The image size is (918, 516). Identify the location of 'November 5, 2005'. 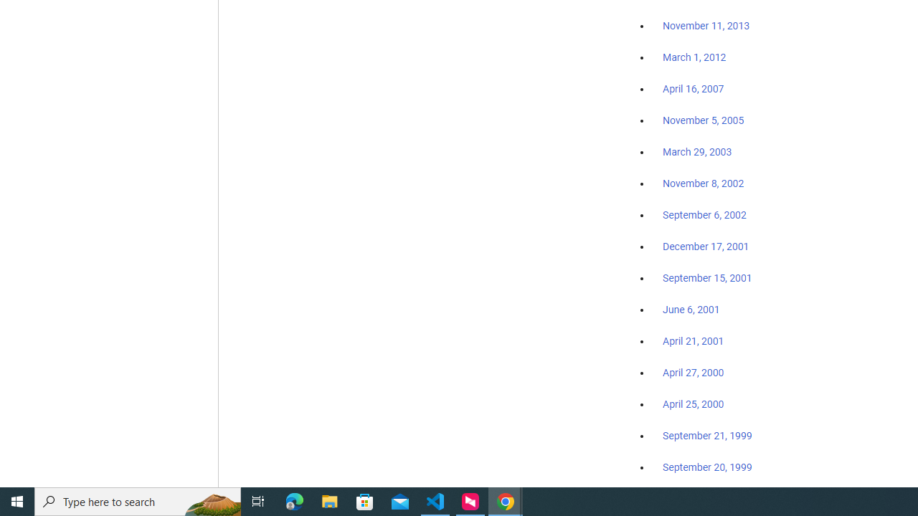
(704, 120).